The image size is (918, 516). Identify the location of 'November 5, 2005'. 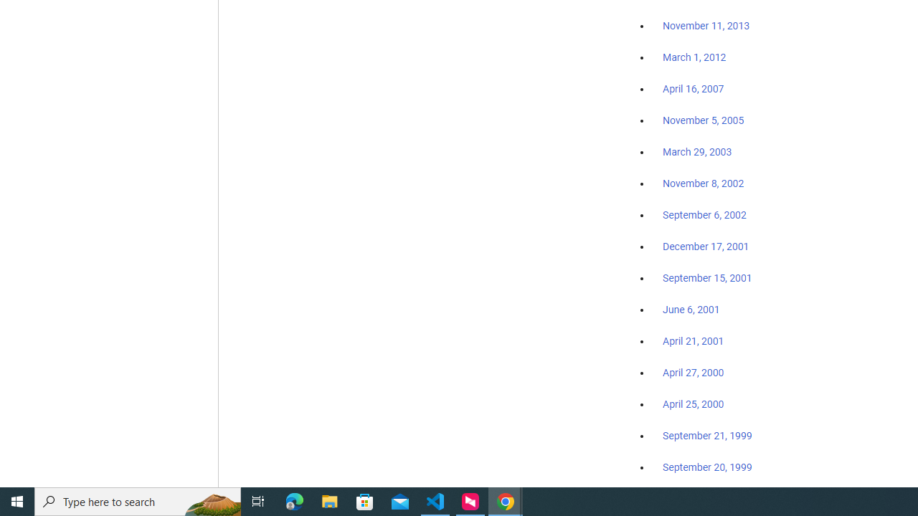
(704, 120).